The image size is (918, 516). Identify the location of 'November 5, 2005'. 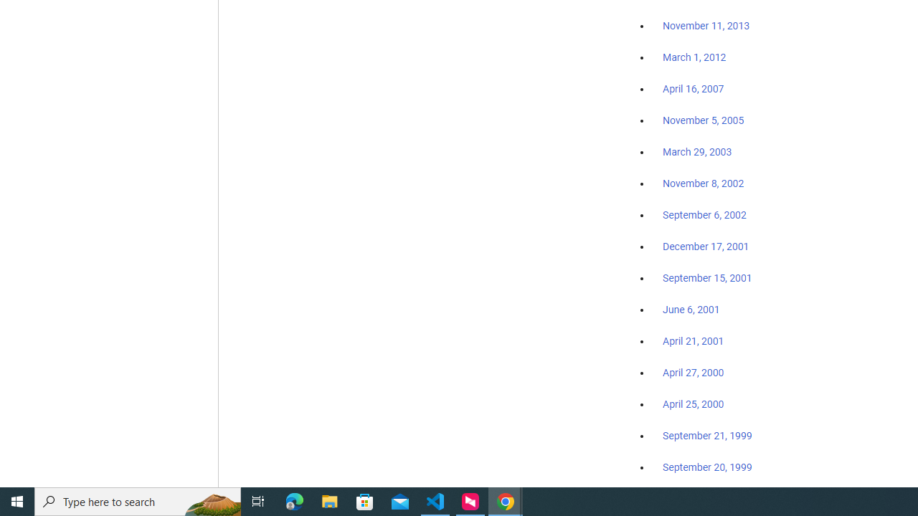
(704, 120).